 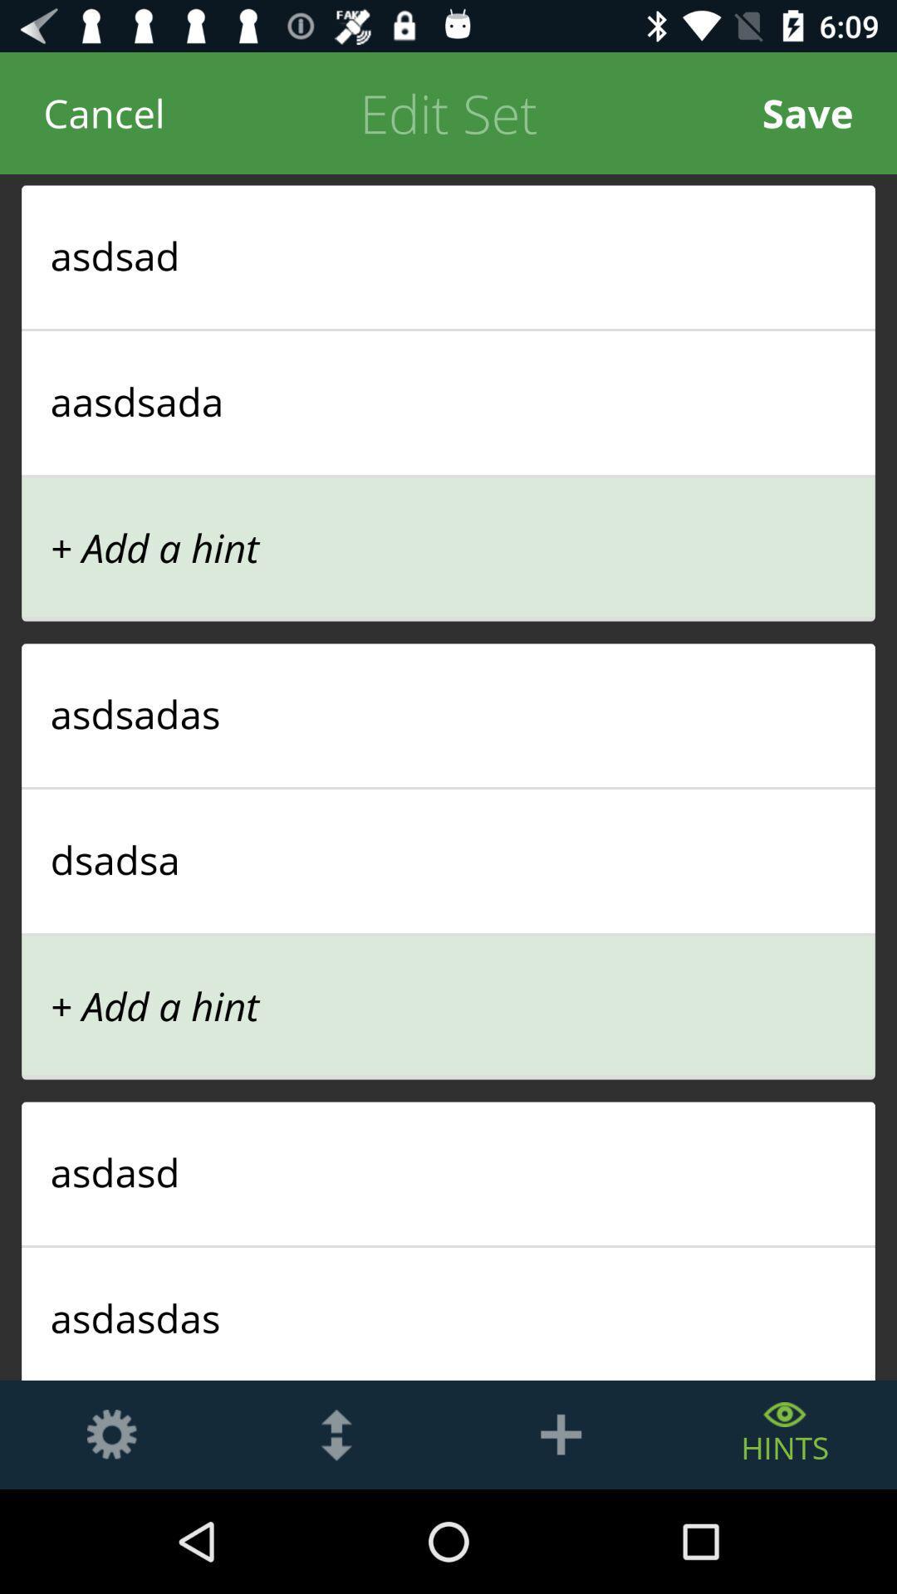 What do you see at coordinates (104, 112) in the screenshot?
I see `item to the left of the edit set item` at bounding box center [104, 112].